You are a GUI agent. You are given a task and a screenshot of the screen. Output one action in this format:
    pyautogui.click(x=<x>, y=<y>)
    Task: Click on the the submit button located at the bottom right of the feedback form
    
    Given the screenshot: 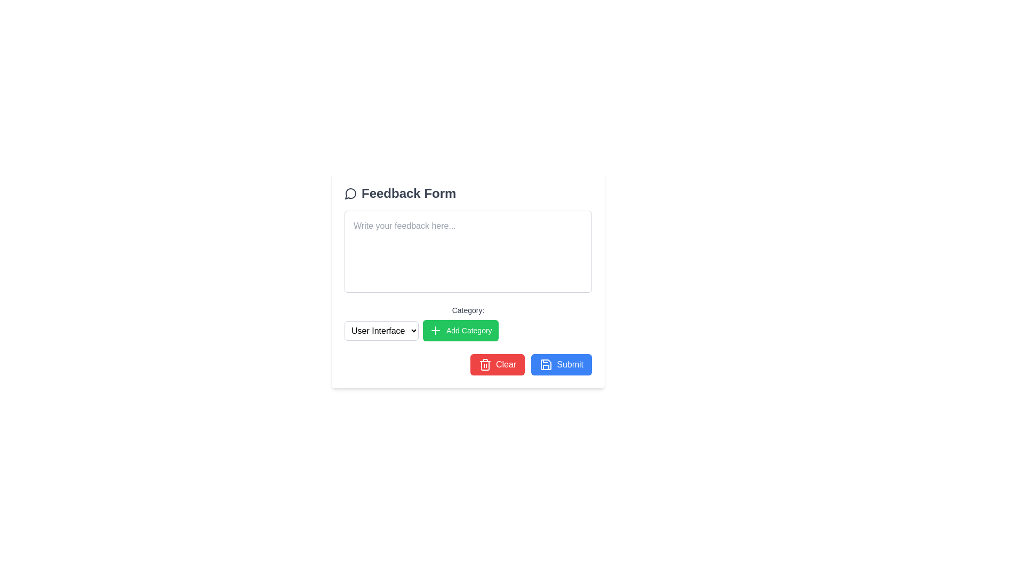 What is the action you would take?
    pyautogui.click(x=561, y=364)
    